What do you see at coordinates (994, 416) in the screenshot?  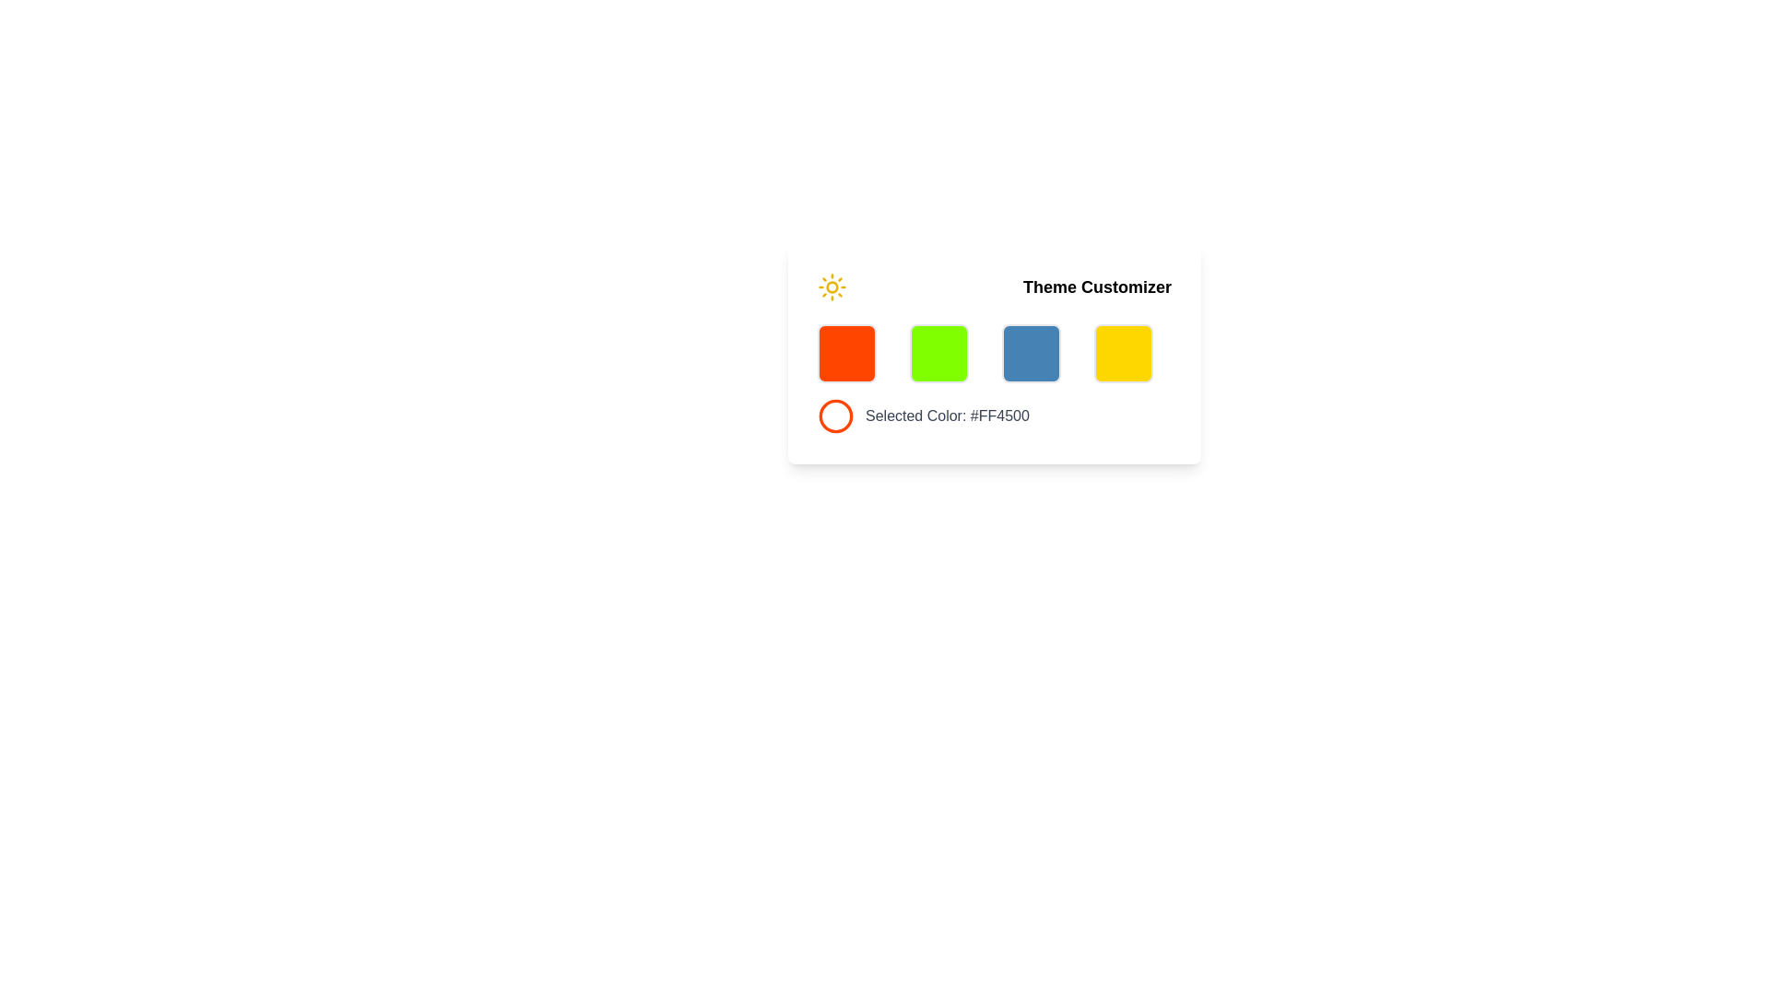 I see `the informational text element displaying the currently selected color and its hexadecimal code, located beneath the color options in the 'Theme Customizer' section` at bounding box center [994, 416].